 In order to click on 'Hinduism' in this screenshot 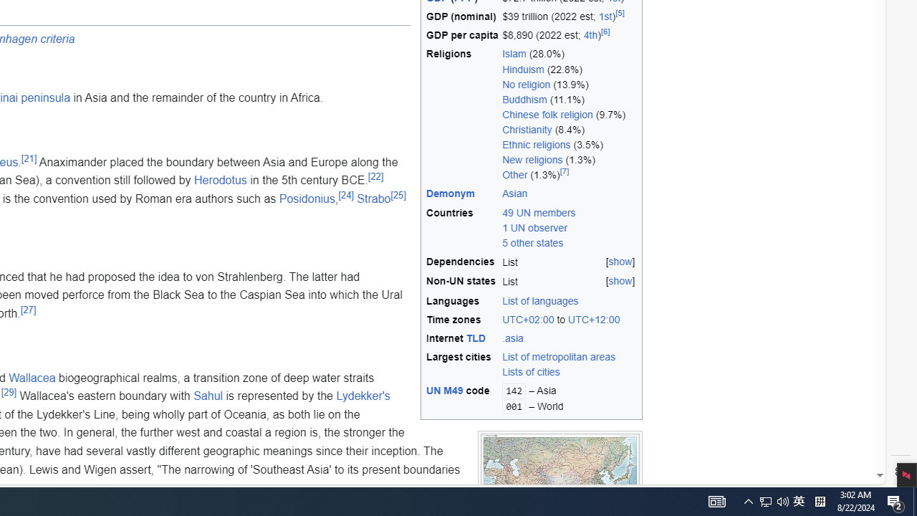, I will do `click(522, 69)`.